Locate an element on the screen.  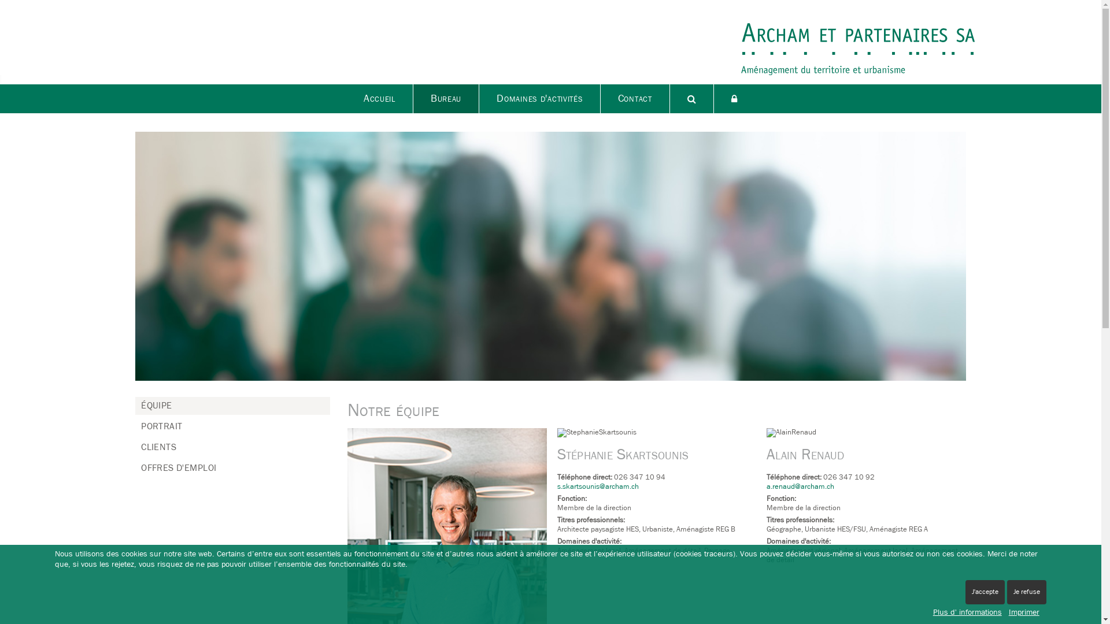
'Imprimer' is located at coordinates (1024, 612).